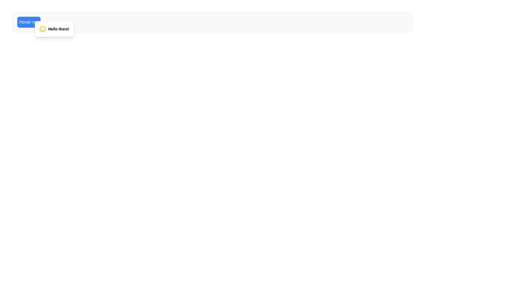 The width and height of the screenshot is (526, 296). What do you see at coordinates (42, 29) in the screenshot?
I see `the yellow smiley icon styled as an outline, located beside the text 'Hello there!' in the contextual popup triggered by the blue 'Hover me' button` at bounding box center [42, 29].